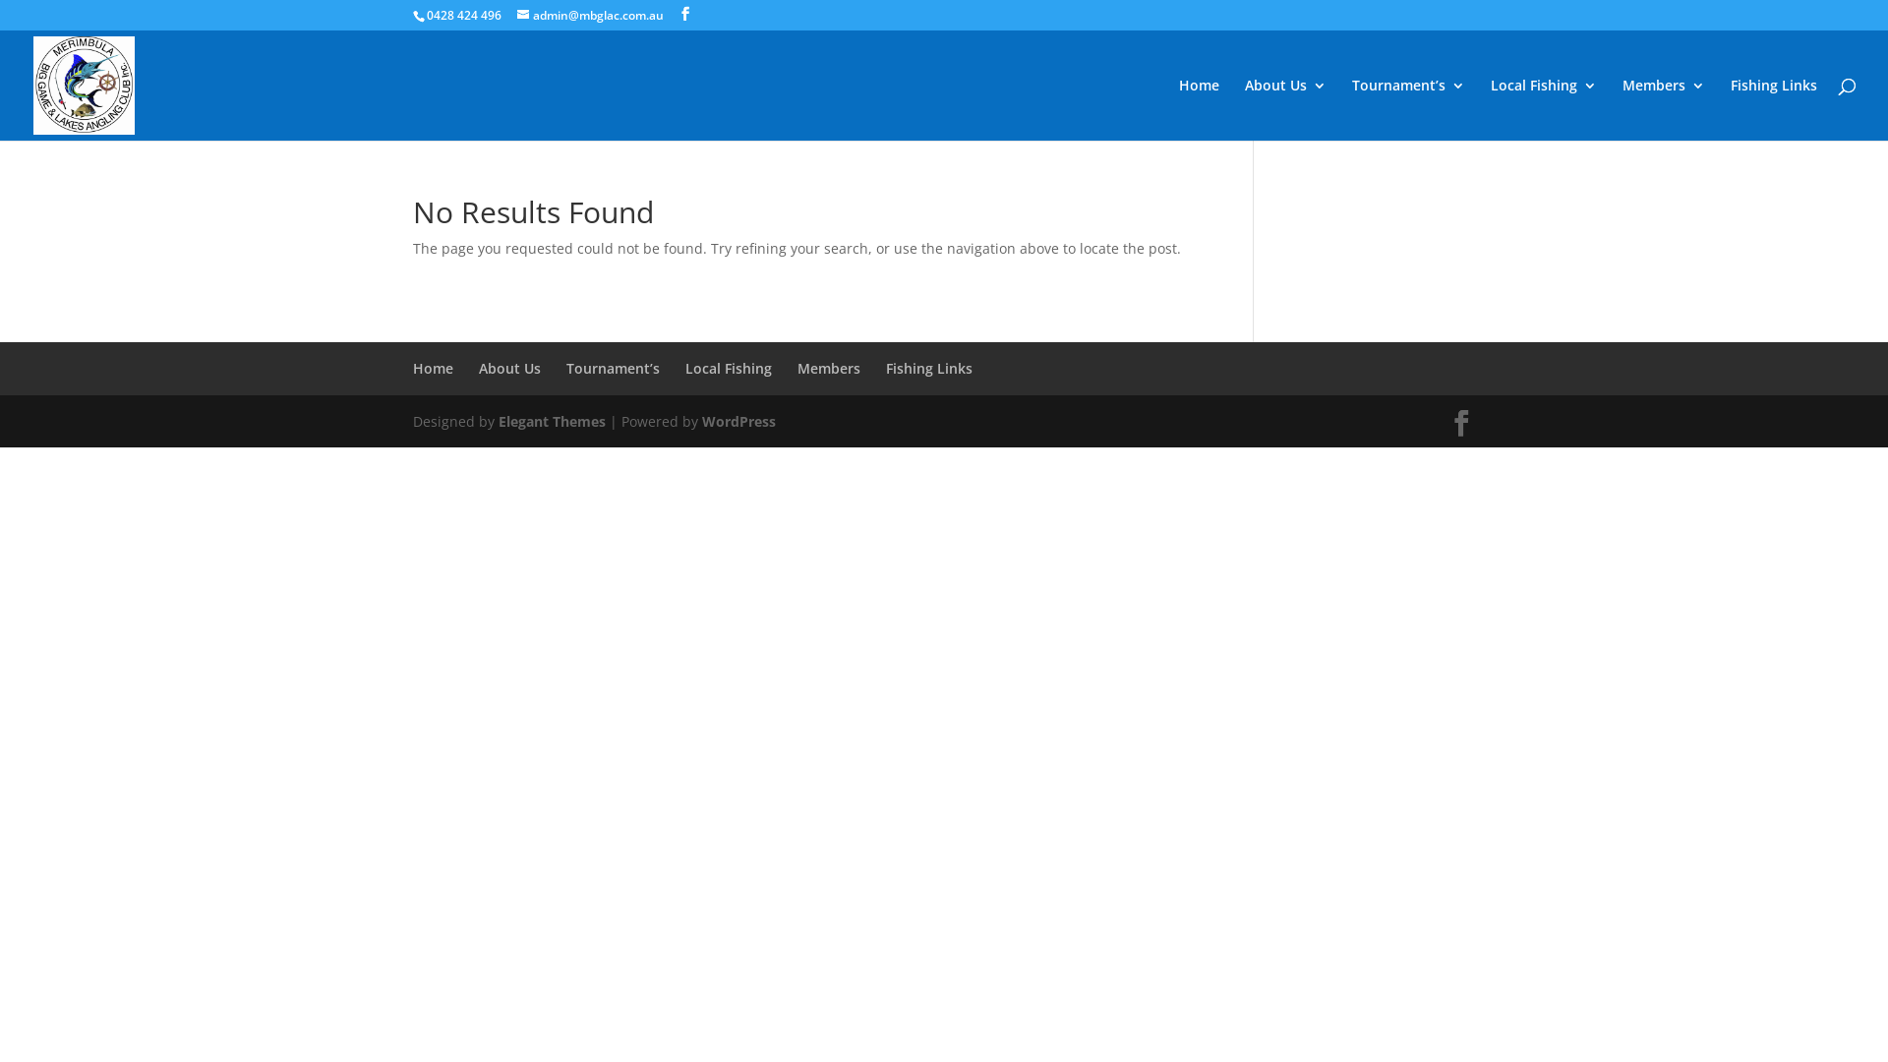 The image size is (1888, 1062). Describe the element at coordinates (551, 420) in the screenshot. I see `'Elegant Themes'` at that location.